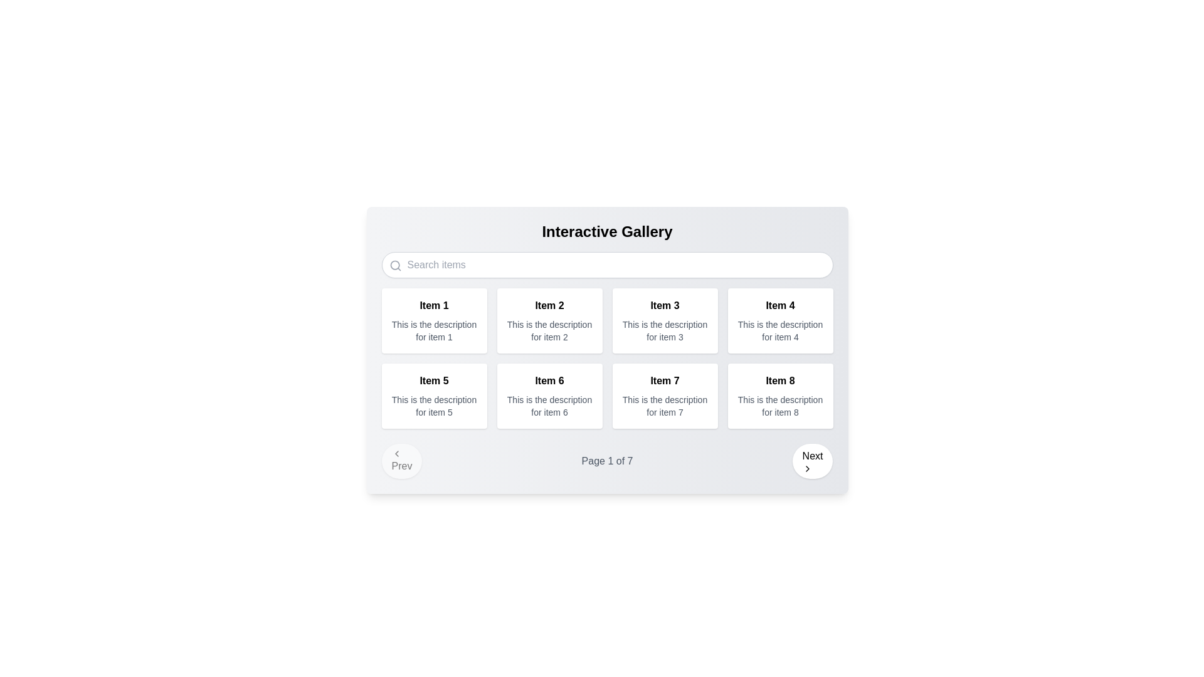 The image size is (1204, 677). Describe the element at coordinates (664, 396) in the screenshot. I see `the Card containing the bold text 'Item 7' and the description 'This is the description for item 7', located in the second row, third column of the grid` at that location.